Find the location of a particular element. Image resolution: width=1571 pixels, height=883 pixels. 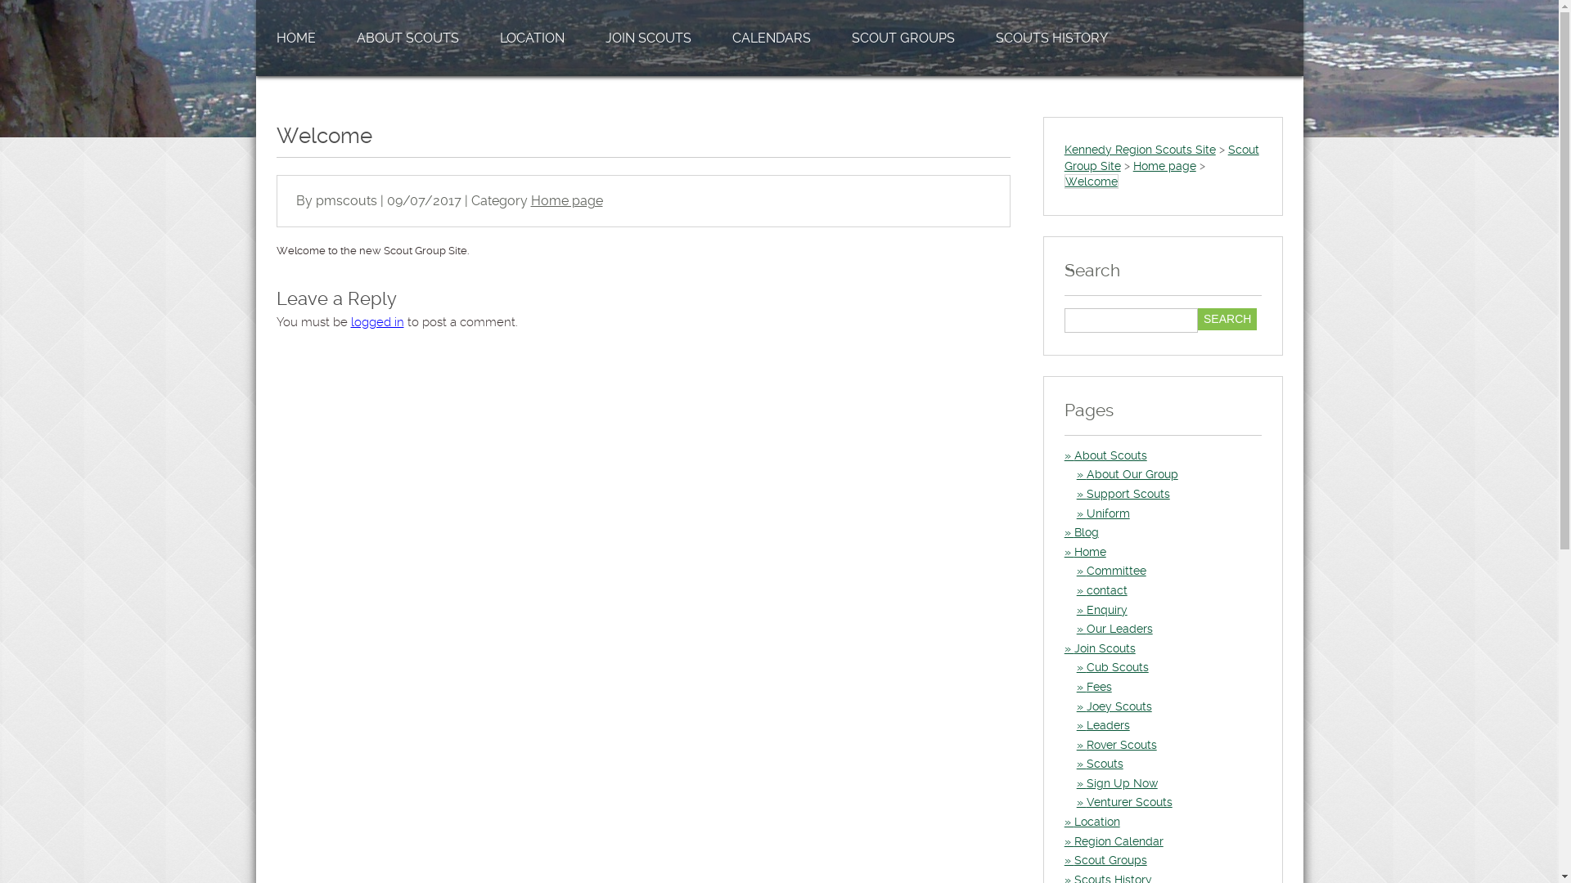

'Fees' is located at coordinates (1094, 687).